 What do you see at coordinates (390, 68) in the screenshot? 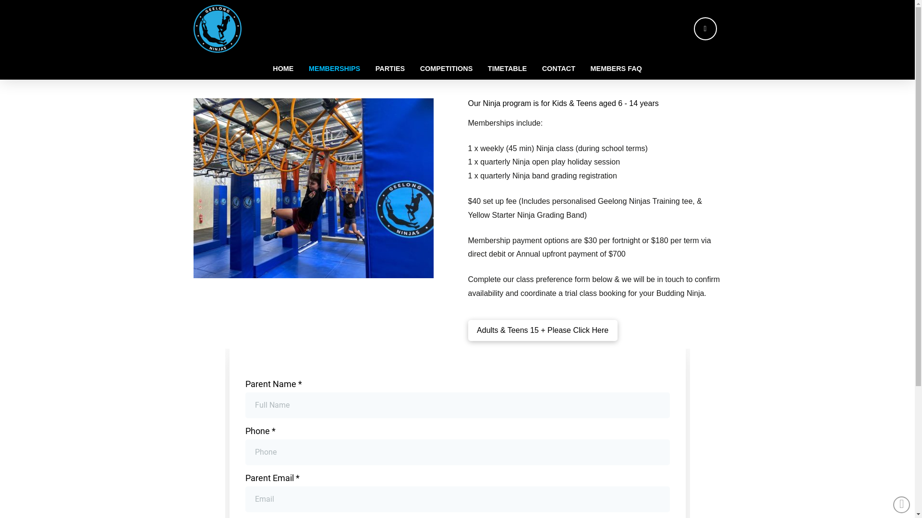
I see `'PARTIES'` at bounding box center [390, 68].